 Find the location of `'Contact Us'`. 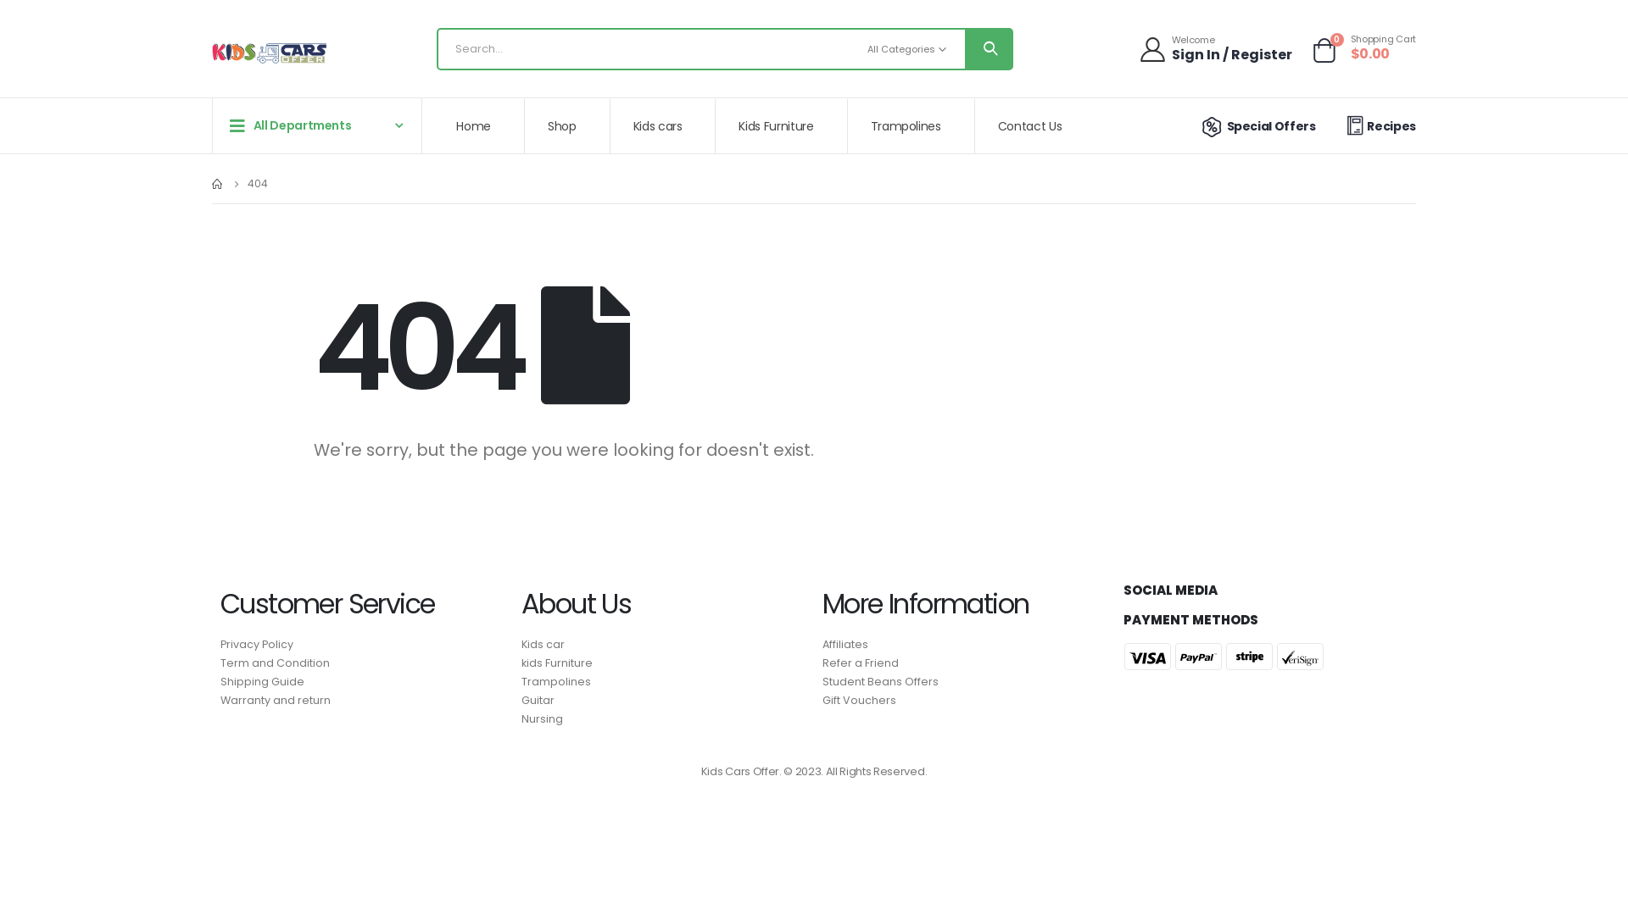

'Contact Us' is located at coordinates (976, 125).